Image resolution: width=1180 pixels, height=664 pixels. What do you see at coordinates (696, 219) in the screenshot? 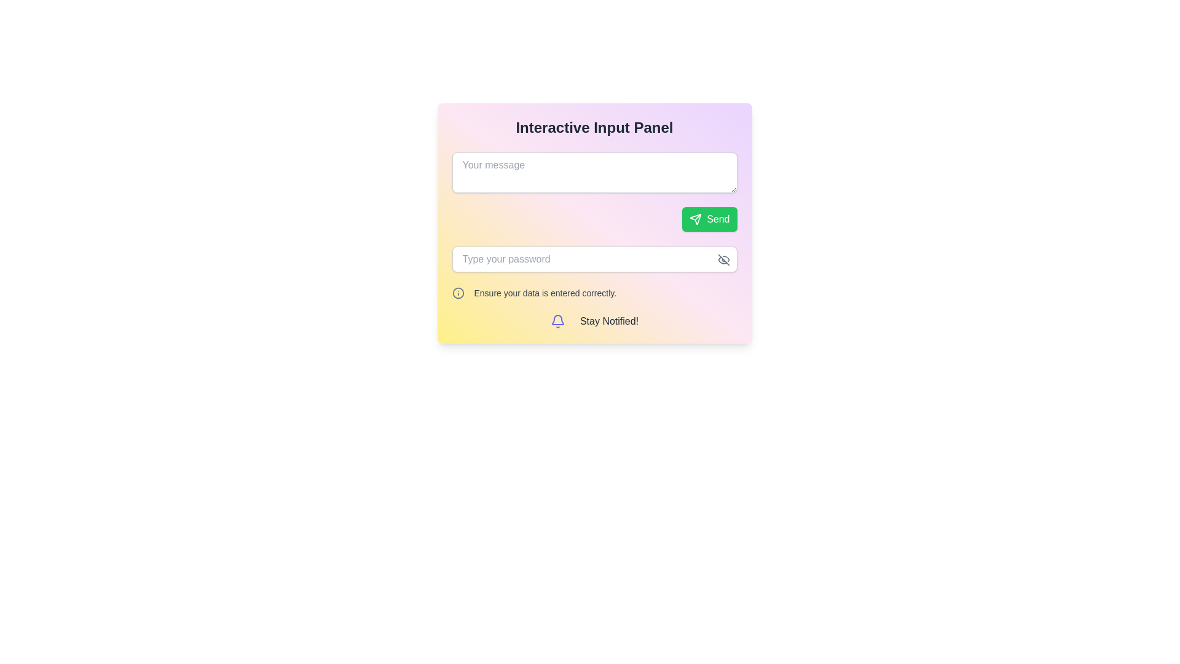
I see `the triangular-shaped send icon within the green 'Send' button` at bounding box center [696, 219].